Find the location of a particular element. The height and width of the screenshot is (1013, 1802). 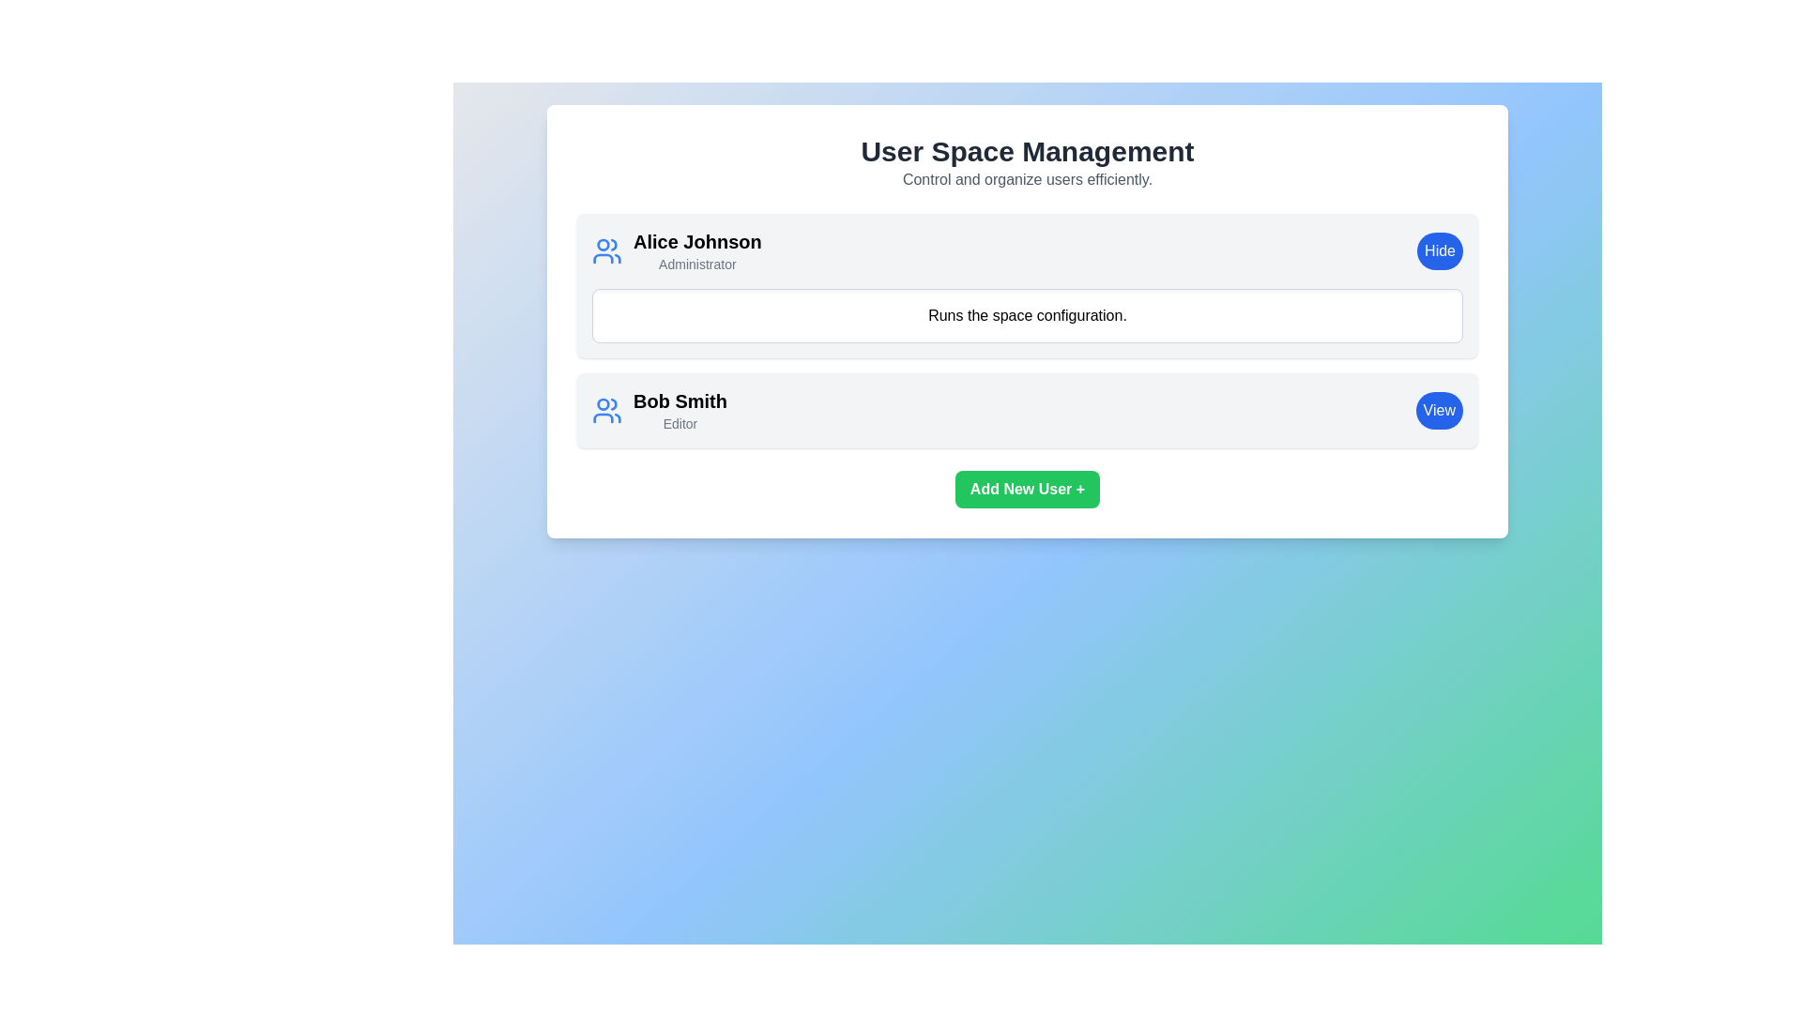

the Information Label displaying 'Bob Smith' with an icon of two user figures is located at coordinates (659, 410).